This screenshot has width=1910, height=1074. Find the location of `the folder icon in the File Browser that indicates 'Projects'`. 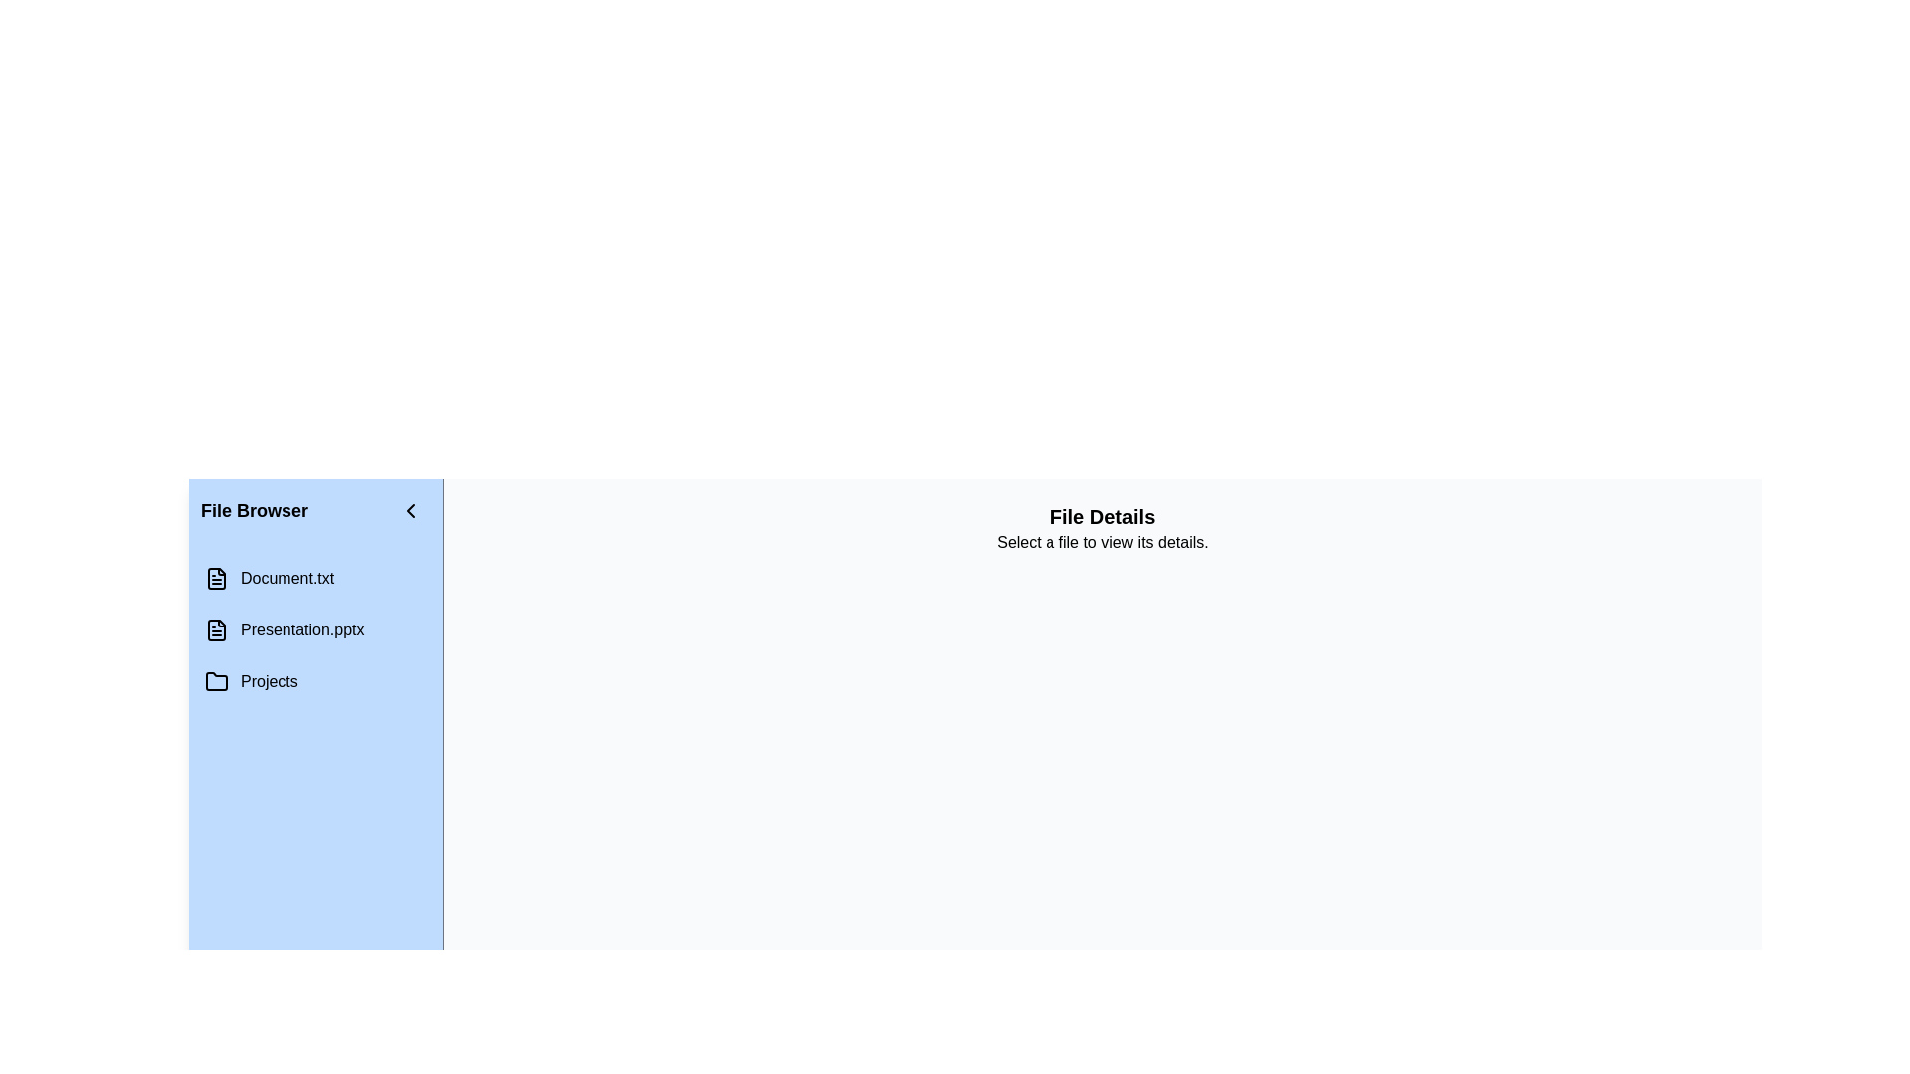

the folder icon in the File Browser that indicates 'Projects' is located at coordinates (216, 680).